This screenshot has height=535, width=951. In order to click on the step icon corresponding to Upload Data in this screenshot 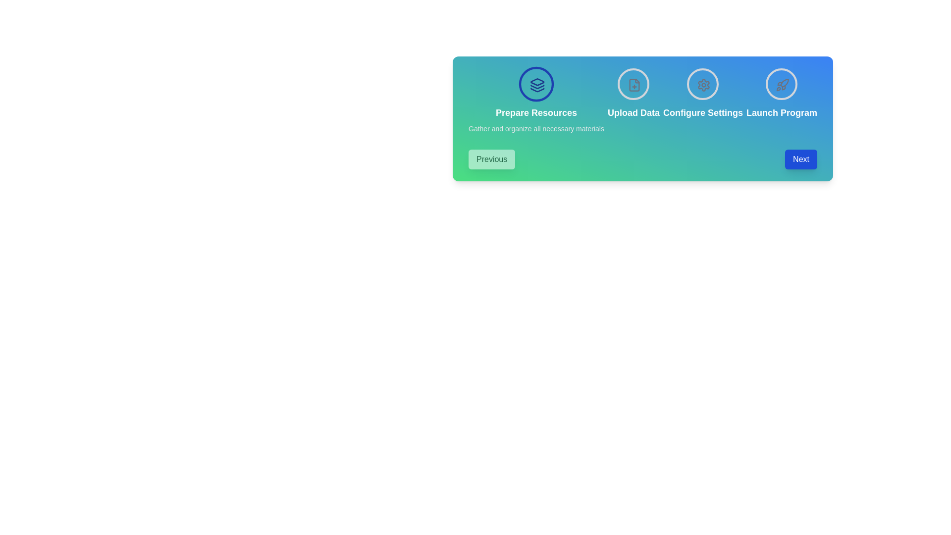, I will do `click(633, 83)`.